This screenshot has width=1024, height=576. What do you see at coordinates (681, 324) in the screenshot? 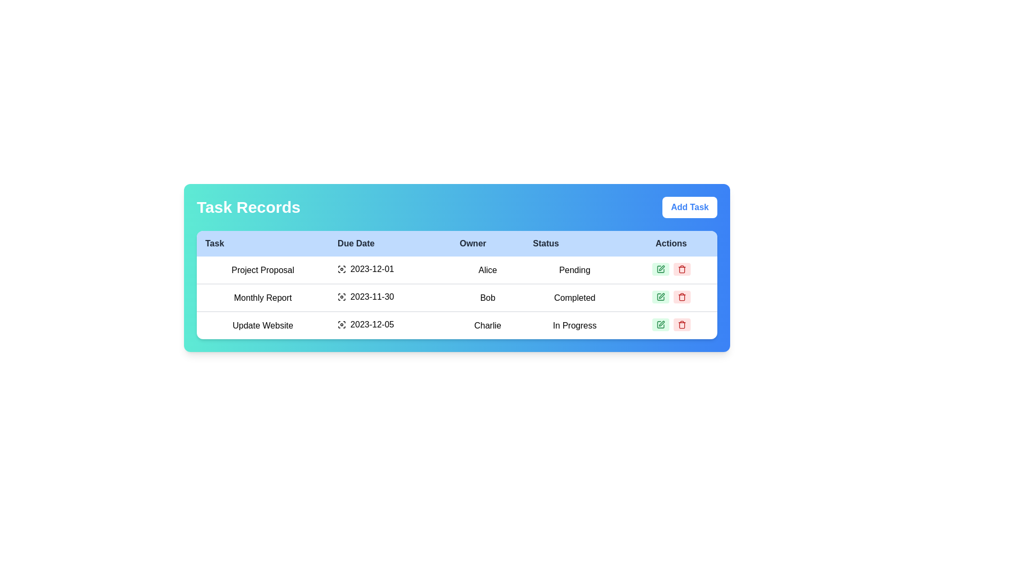
I see `the delete button in the 'Actions' column of the third row in the 'Task Records' table` at bounding box center [681, 324].